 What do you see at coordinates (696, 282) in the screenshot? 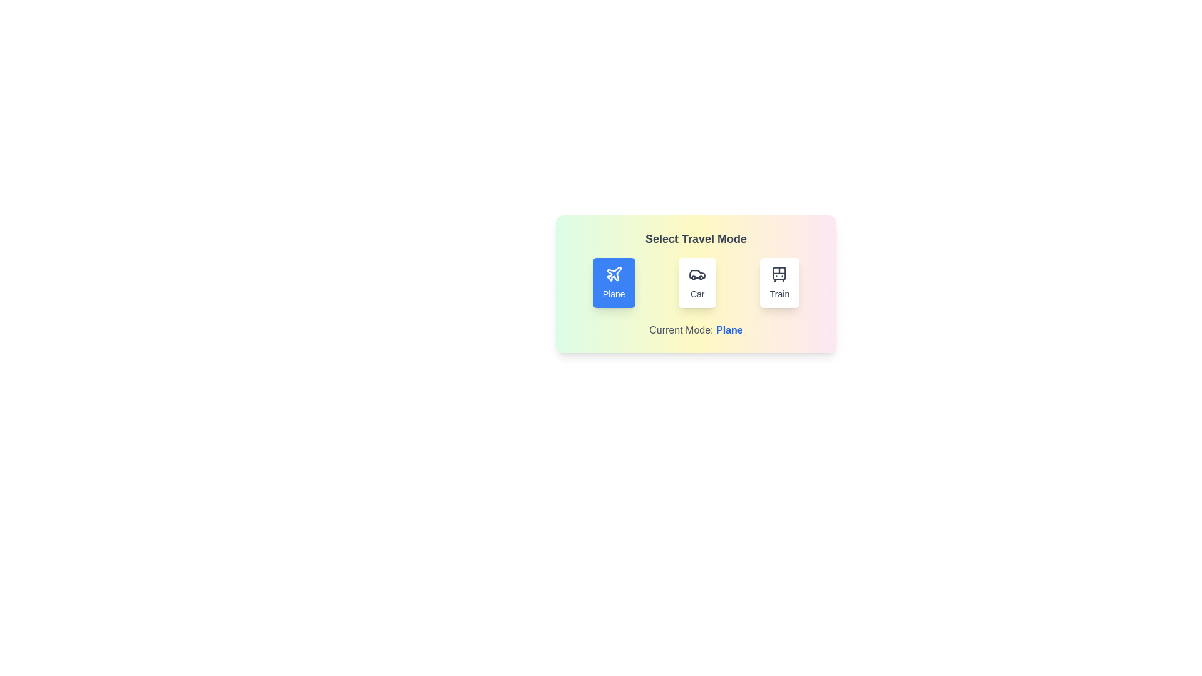
I see `the button labeled Car to observe its hover effect` at bounding box center [696, 282].